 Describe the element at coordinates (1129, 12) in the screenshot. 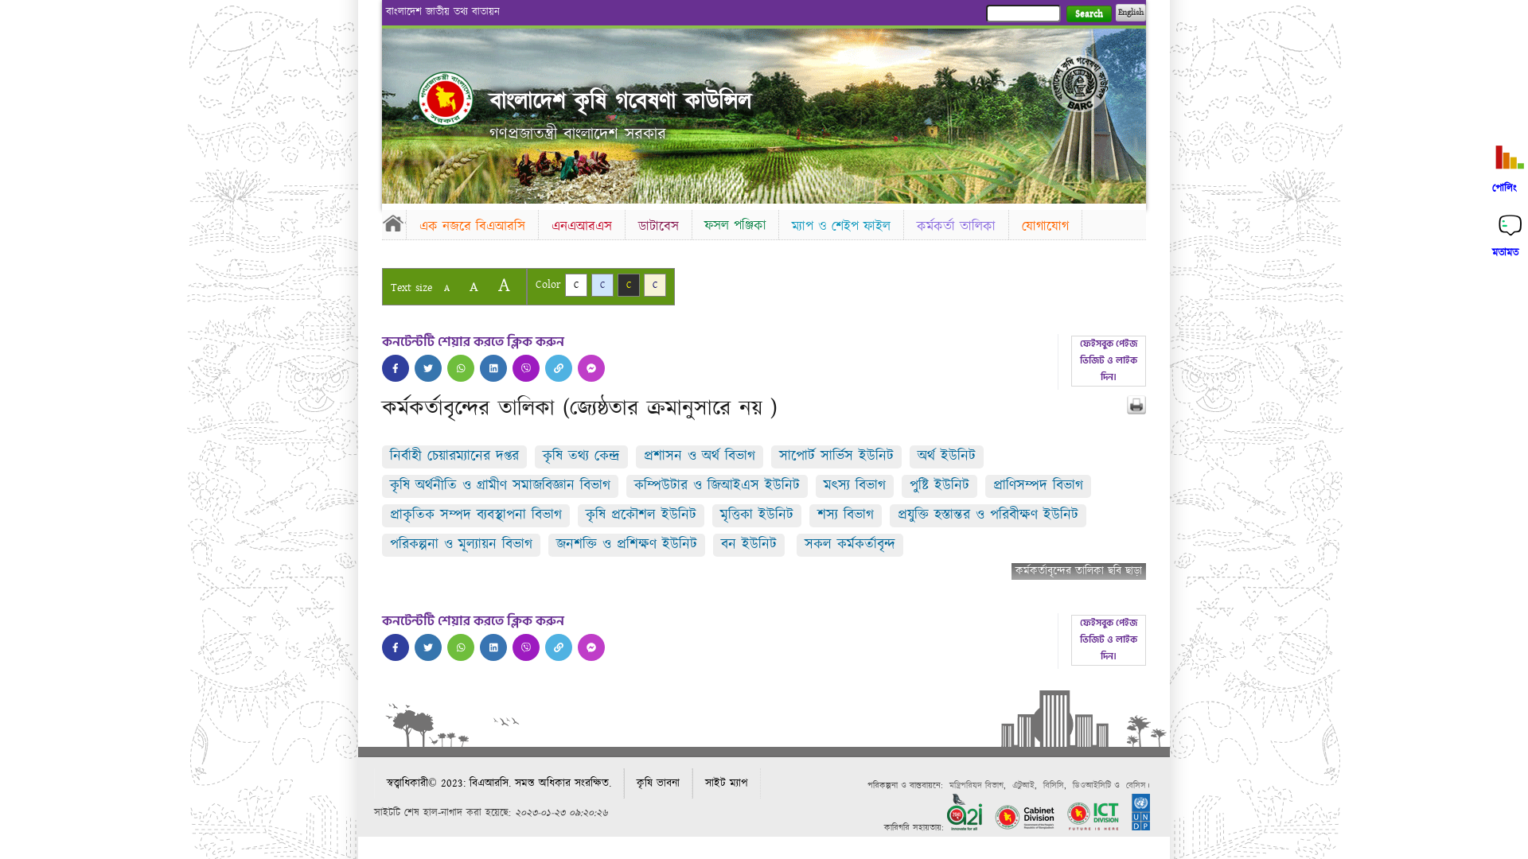

I see `'English'` at that location.